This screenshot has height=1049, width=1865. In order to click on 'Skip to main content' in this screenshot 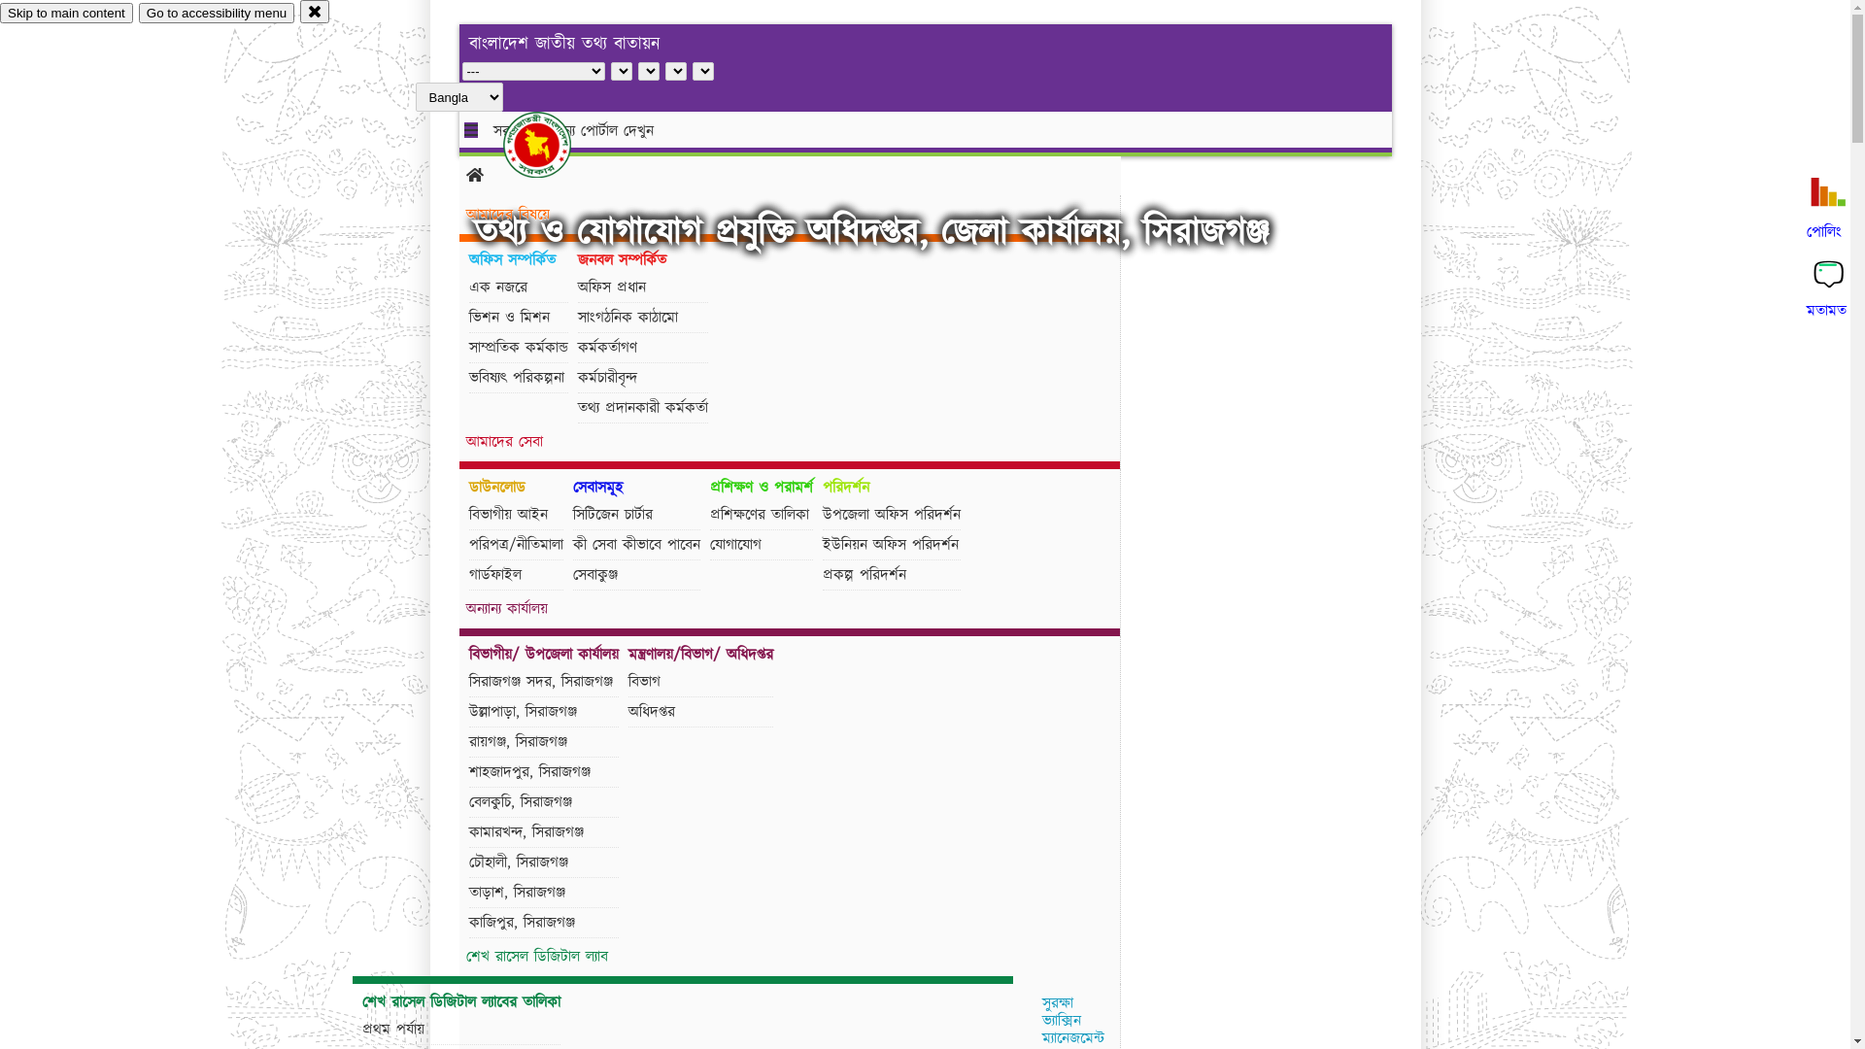, I will do `click(66, 13)`.